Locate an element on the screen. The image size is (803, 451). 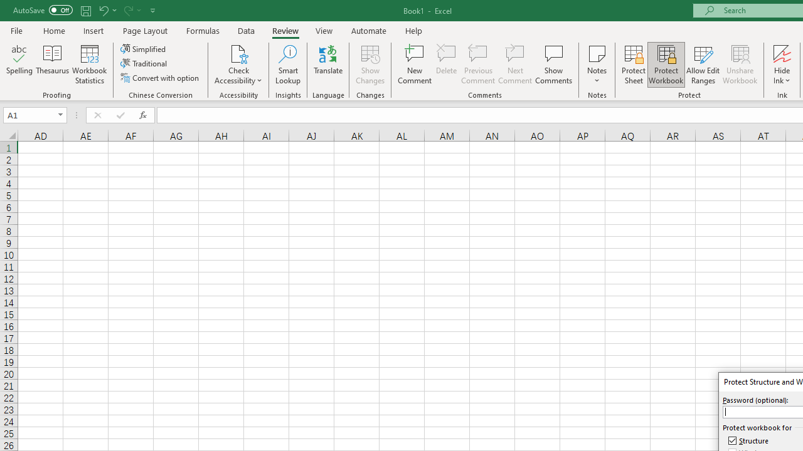
'Delete' is located at coordinates (447, 65).